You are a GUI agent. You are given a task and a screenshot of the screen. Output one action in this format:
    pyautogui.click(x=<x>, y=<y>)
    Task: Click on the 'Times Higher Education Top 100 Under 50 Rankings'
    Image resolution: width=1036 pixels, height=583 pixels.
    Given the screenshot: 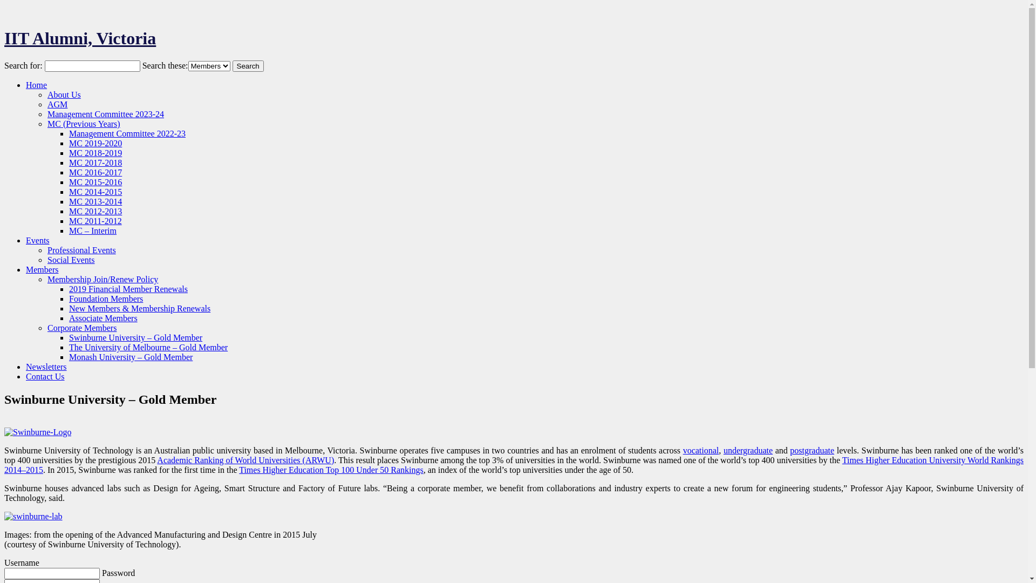 What is the action you would take?
    pyautogui.click(x=331, y=469)
    